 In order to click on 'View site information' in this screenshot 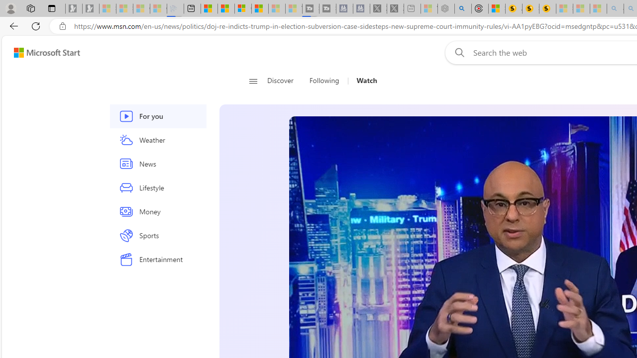, I will do `click(62, 26)`.